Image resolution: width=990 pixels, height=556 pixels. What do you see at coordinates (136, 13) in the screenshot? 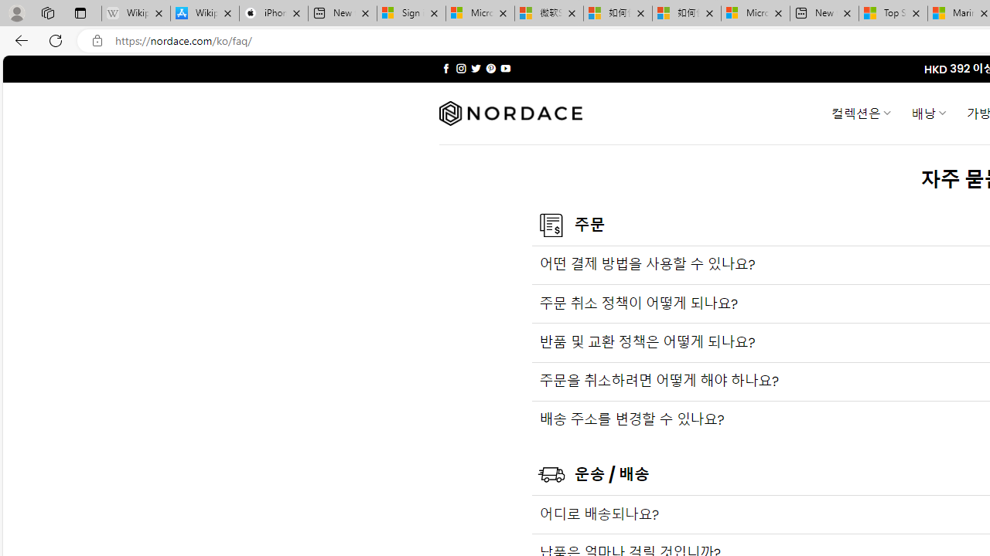
I see `'Wikipedia - Sleeping'` at bounding box center [136, 13].